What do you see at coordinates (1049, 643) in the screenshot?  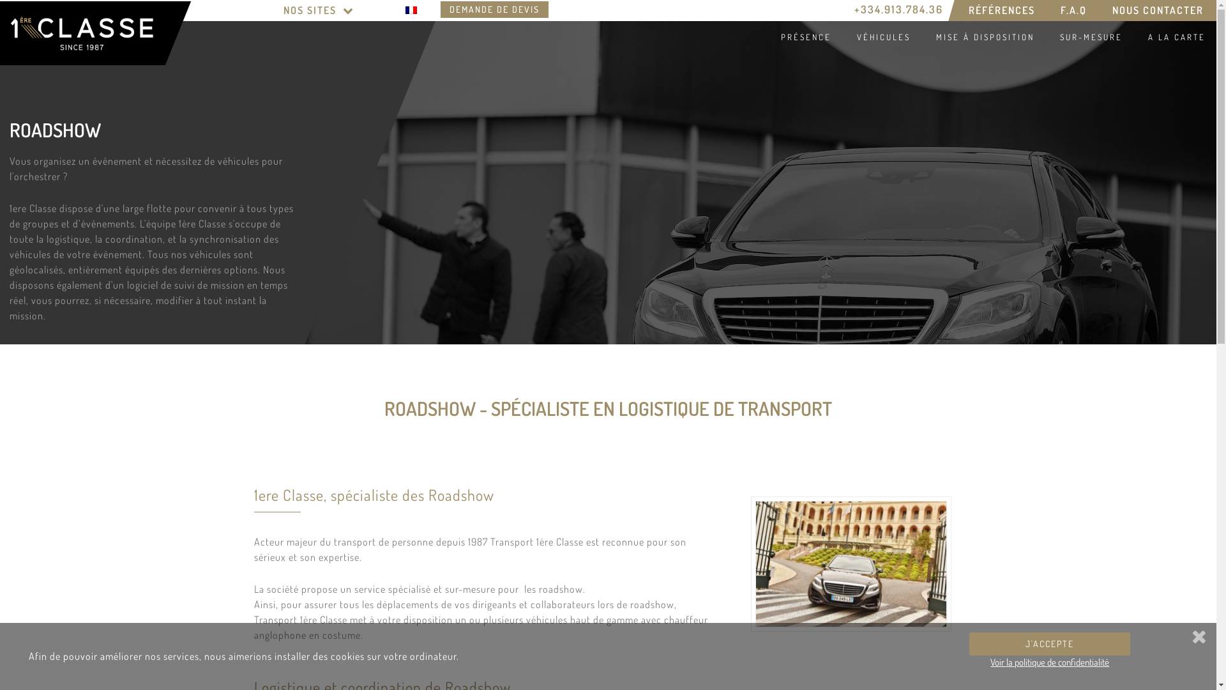 I see `'J'ACCEPTE'` at bounding box center [1049, 643].